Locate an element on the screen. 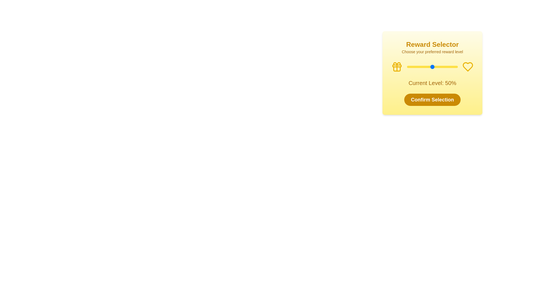  the 'Confirm Selection' button with a yellow background and white text located at the bottom of the 'Reward Selector' section to confirm the selection is located at coordinates (432, 99).